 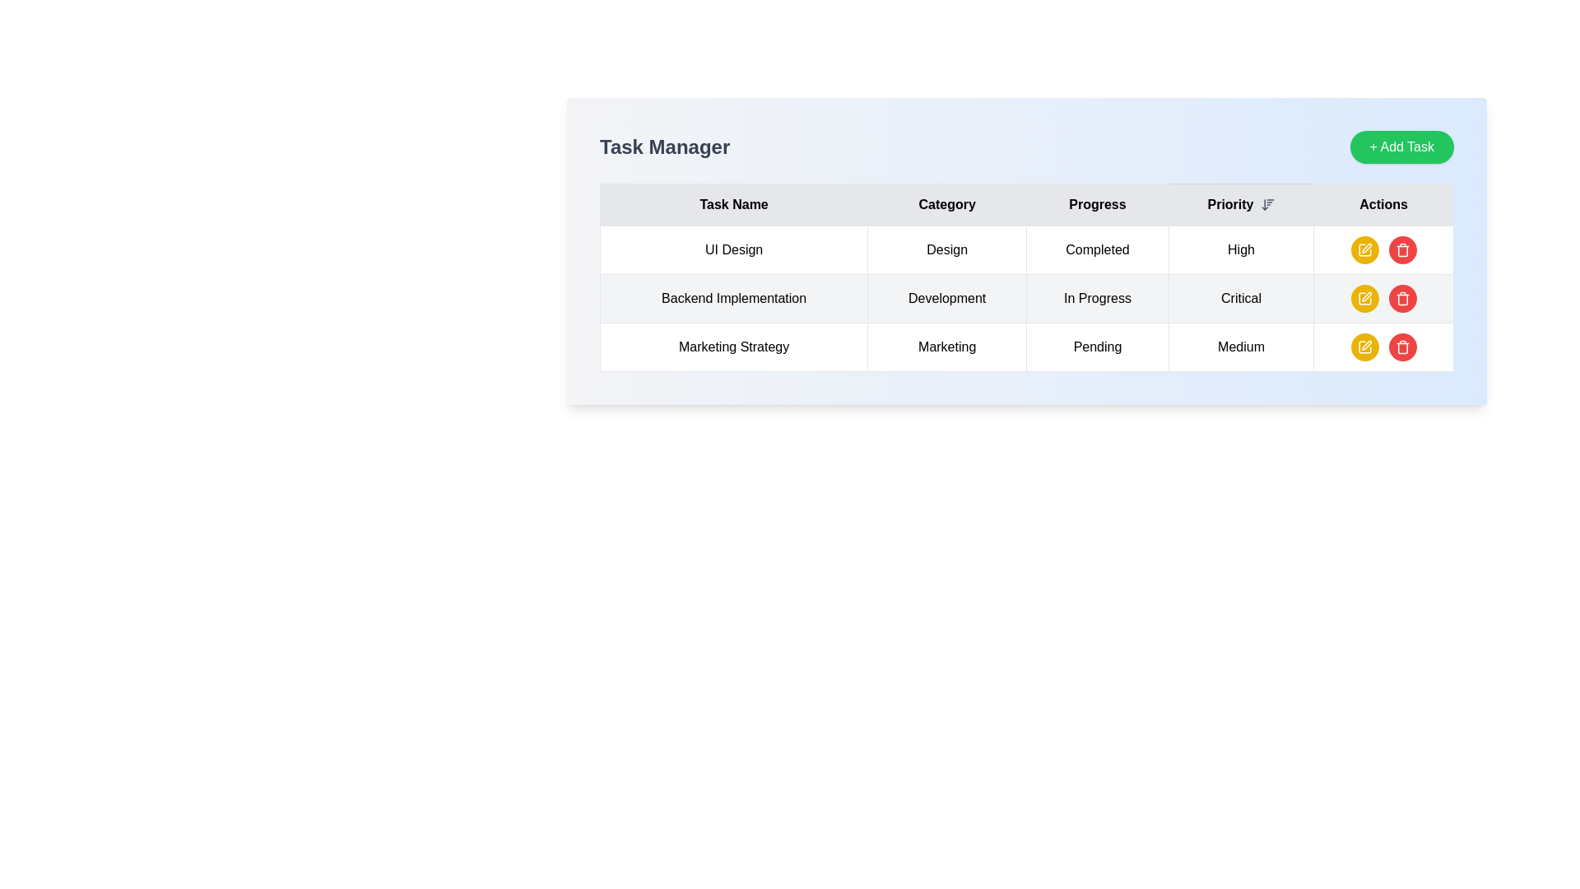 I want to click on the static text label indicating 'In Progress' under the 'Progress' header in the table for 'Backend Implementation' in the 'Development' category, so click(x=1098, y=298).